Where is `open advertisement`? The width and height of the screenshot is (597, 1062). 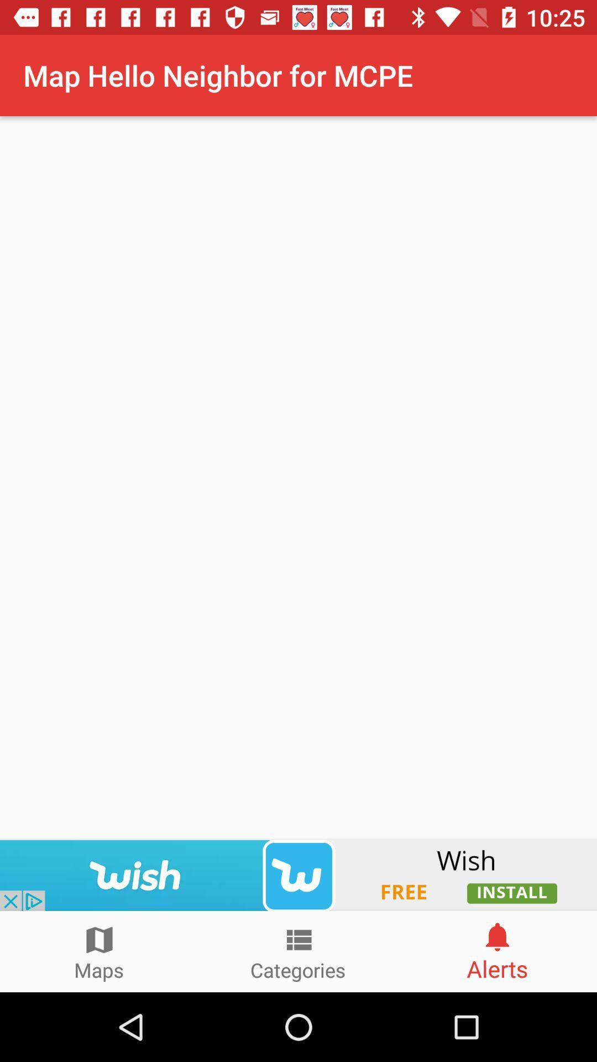 open advertisement is located at coordinates (298, 874).